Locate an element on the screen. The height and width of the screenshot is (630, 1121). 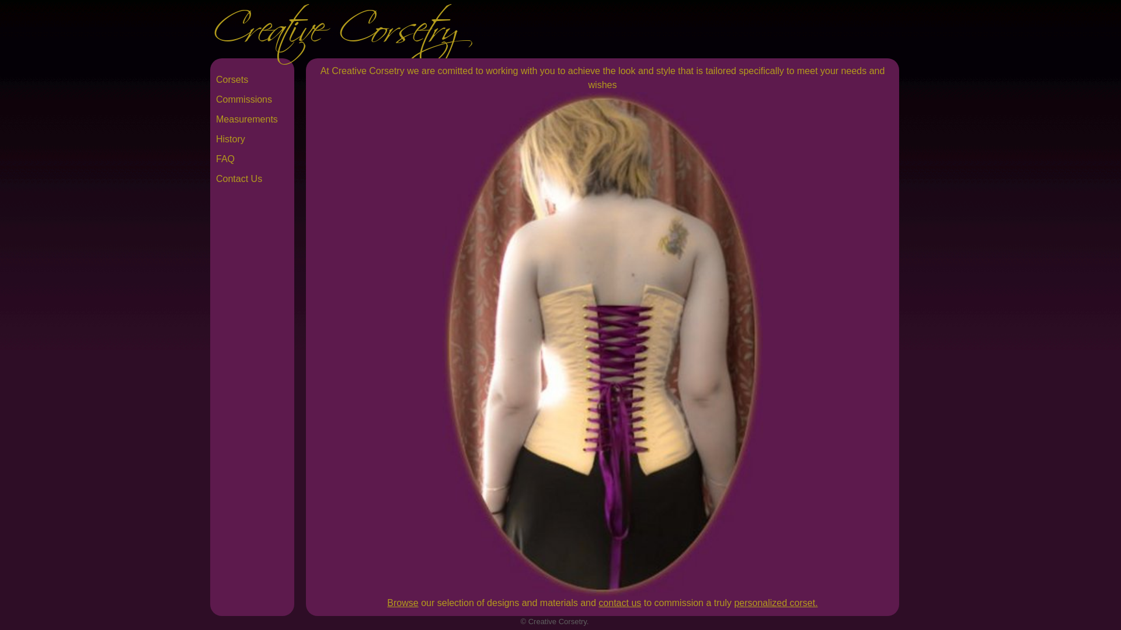
'FAQ' is located at coordinates (252, 159).